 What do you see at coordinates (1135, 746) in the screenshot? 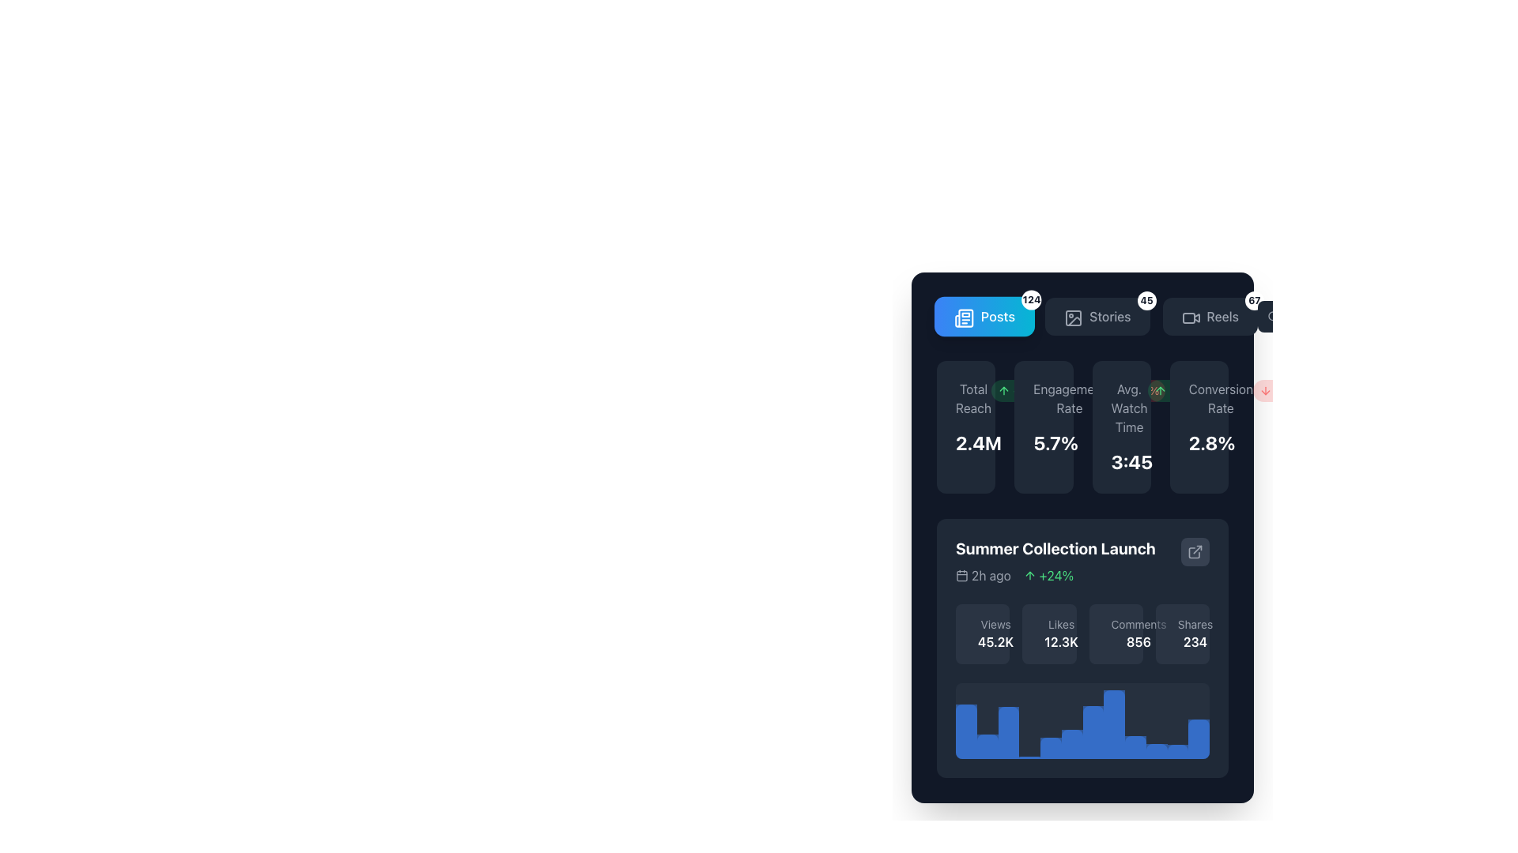
I see `9th bar from the left in the bar chart located in the lower section of the 'Summer Collection Launch' card for displayed data` at bounding box center [1135, 746].